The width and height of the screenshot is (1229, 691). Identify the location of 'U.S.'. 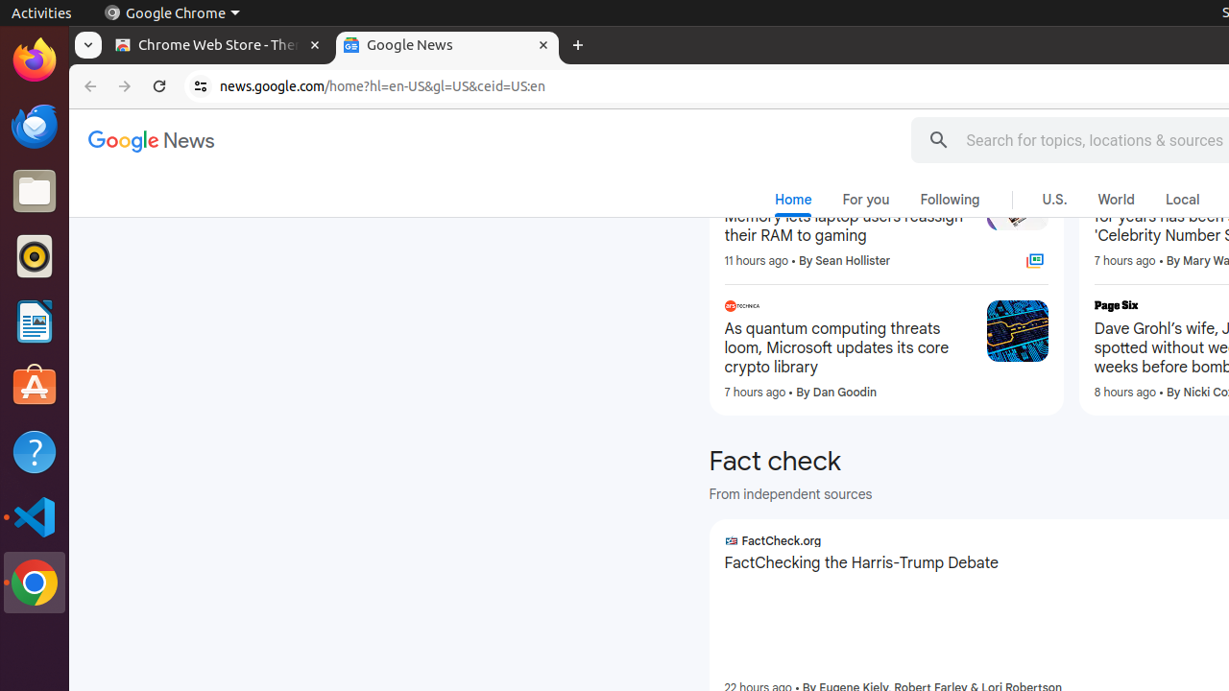
(1053, 200).